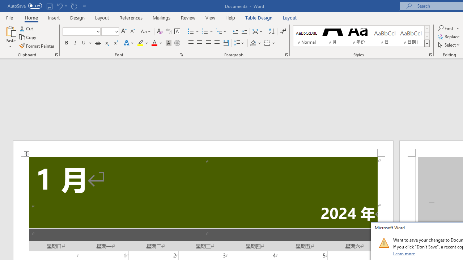  I want to click on 'Mailings', so click(161, 17).